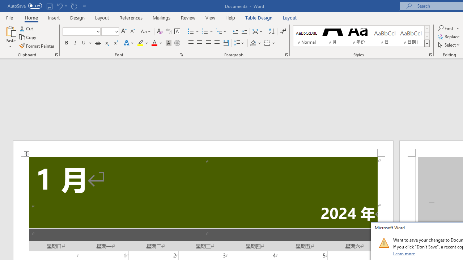  I want to click on 'Mailings', so click(161, 17).